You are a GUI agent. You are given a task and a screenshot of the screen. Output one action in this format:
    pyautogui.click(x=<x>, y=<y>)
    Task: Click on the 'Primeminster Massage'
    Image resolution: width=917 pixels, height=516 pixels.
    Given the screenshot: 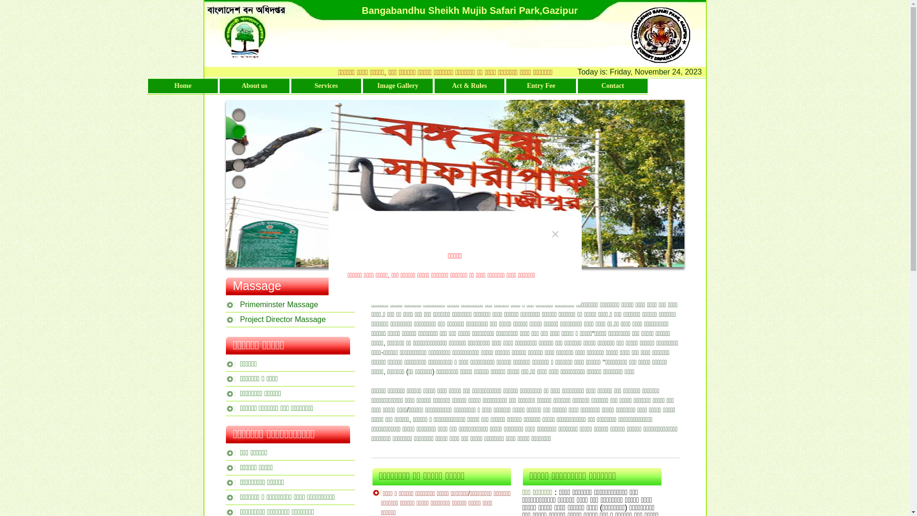 What is the action you would take?
    pyautogui.click(x=289, y=303)
    